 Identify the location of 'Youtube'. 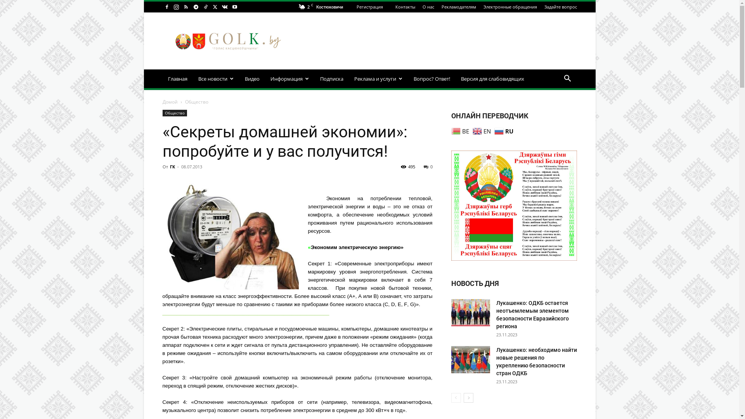
(234, 7).